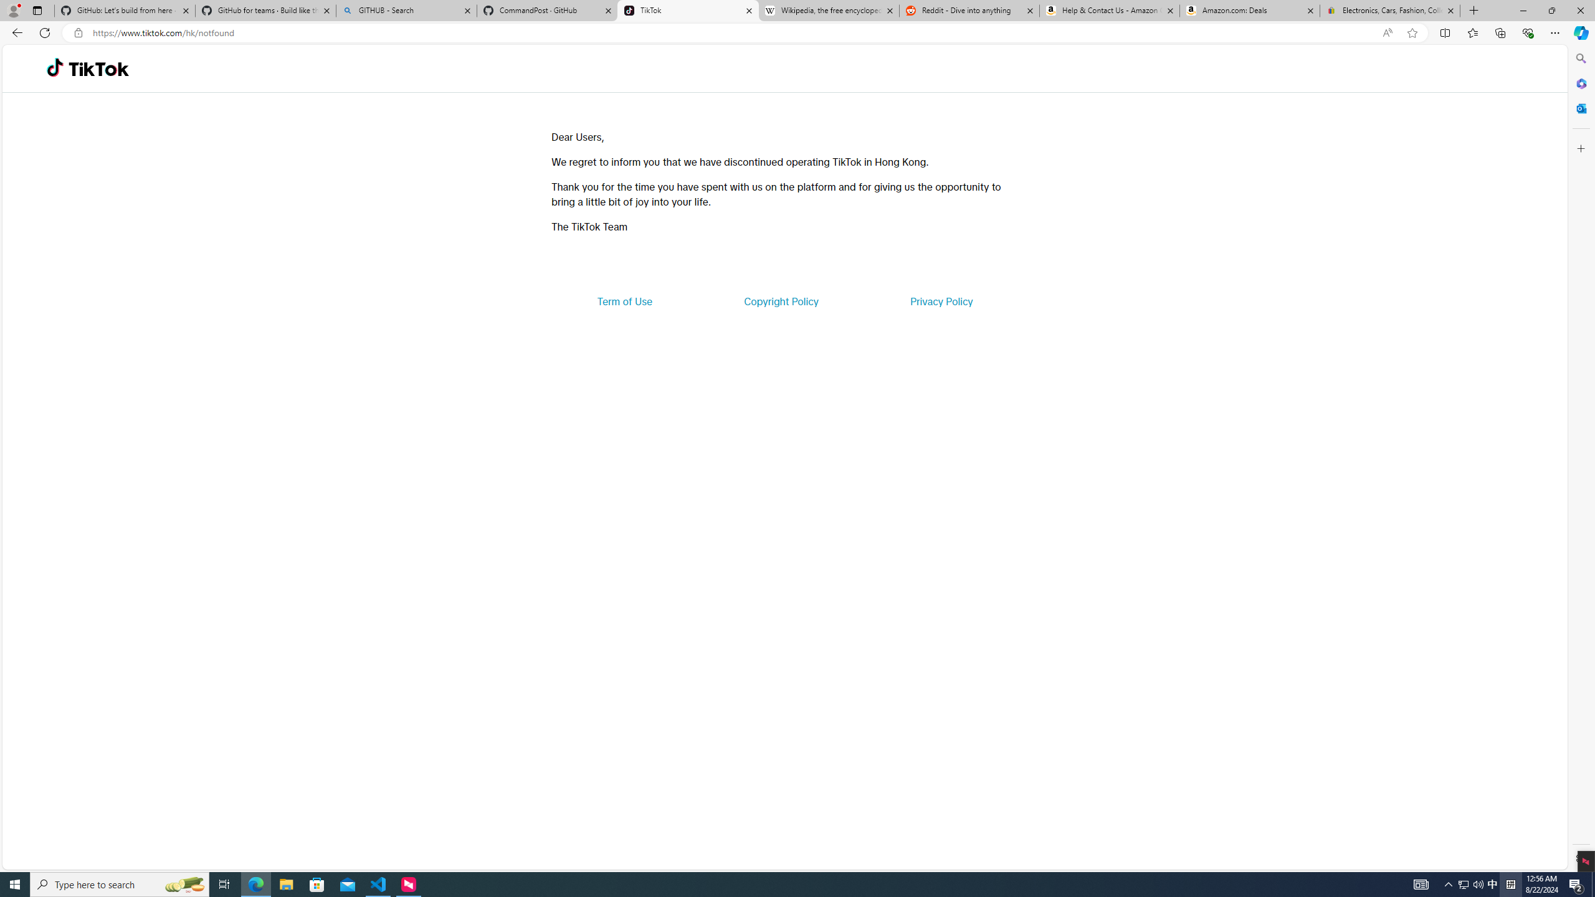  Describe the element at coordinates (624, 300) in the screenshot. I see `'Term of Use'` at that location.